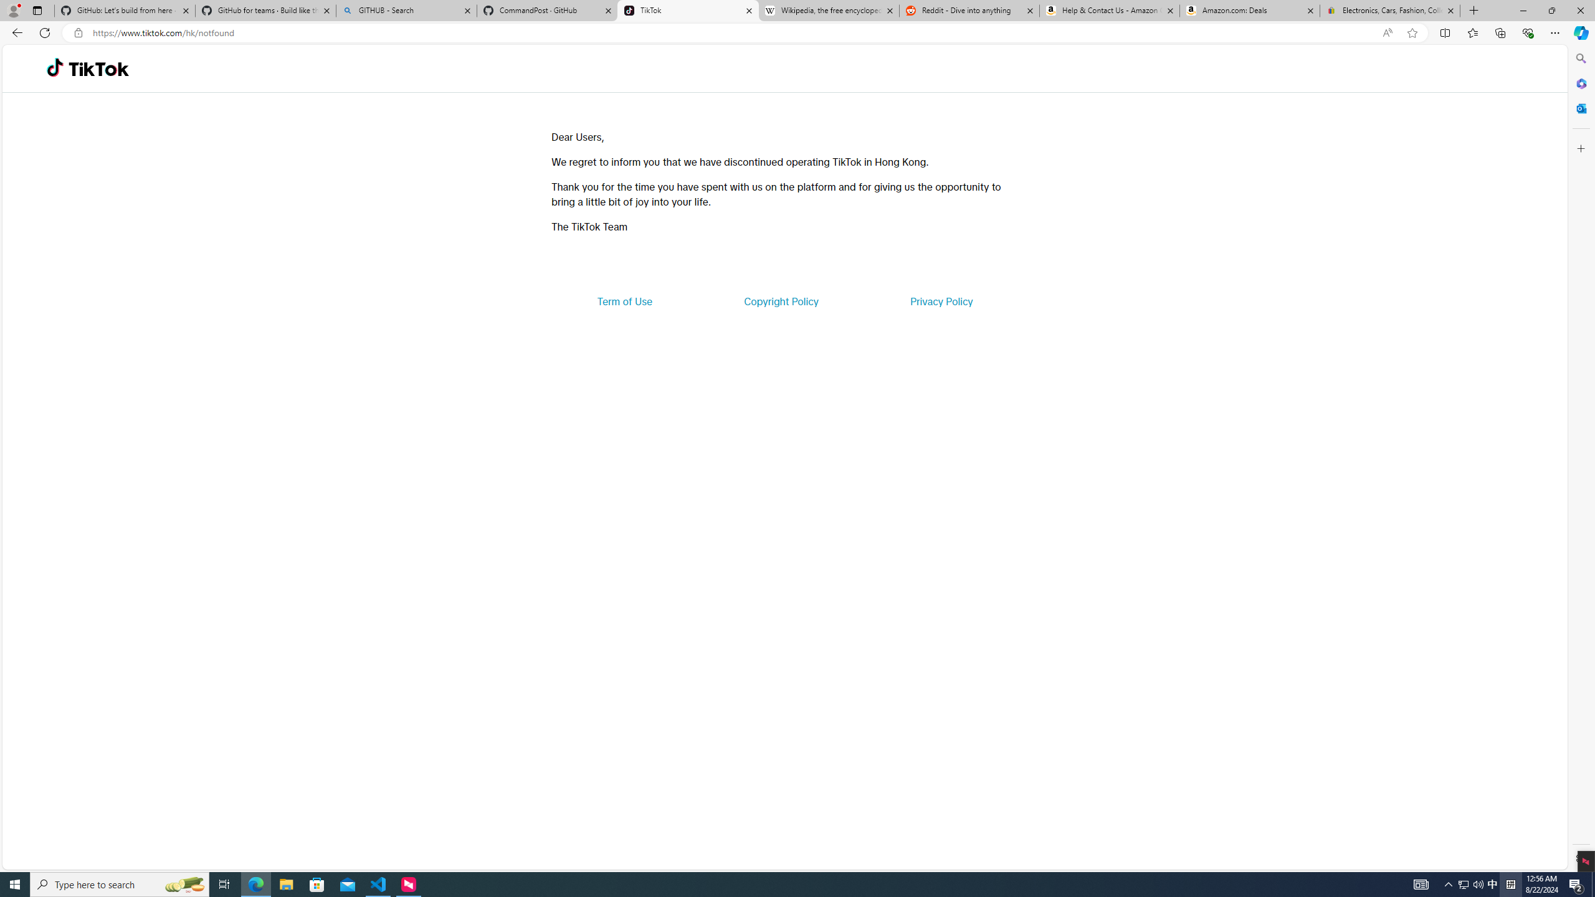  Describe the element at coordinates (624, 300) in the screenshot. I see `'Term of Use'` at that location.